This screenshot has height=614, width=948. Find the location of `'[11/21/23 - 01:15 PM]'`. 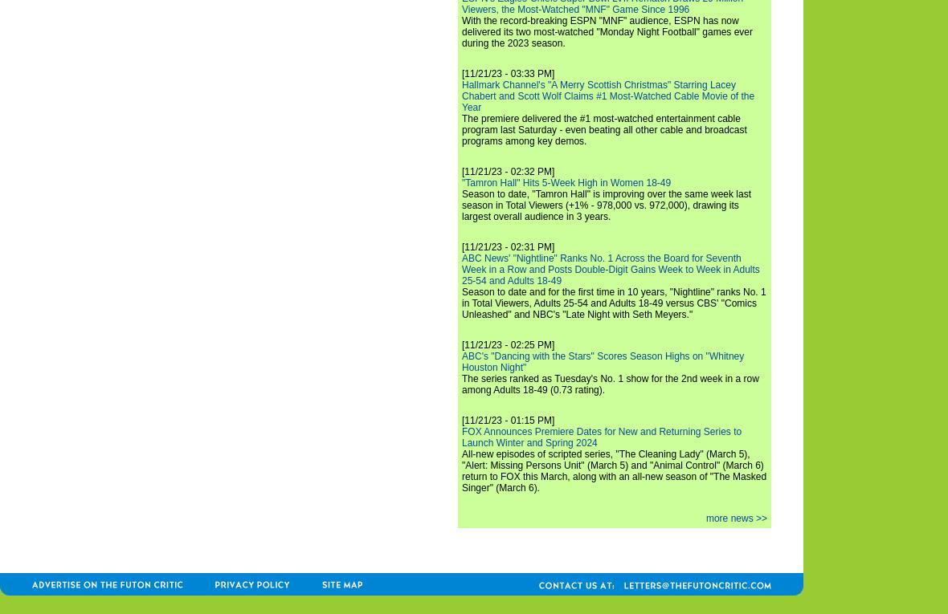

'[11/21/23 - 01:15 PM]' is located at coordinates (462, 420).